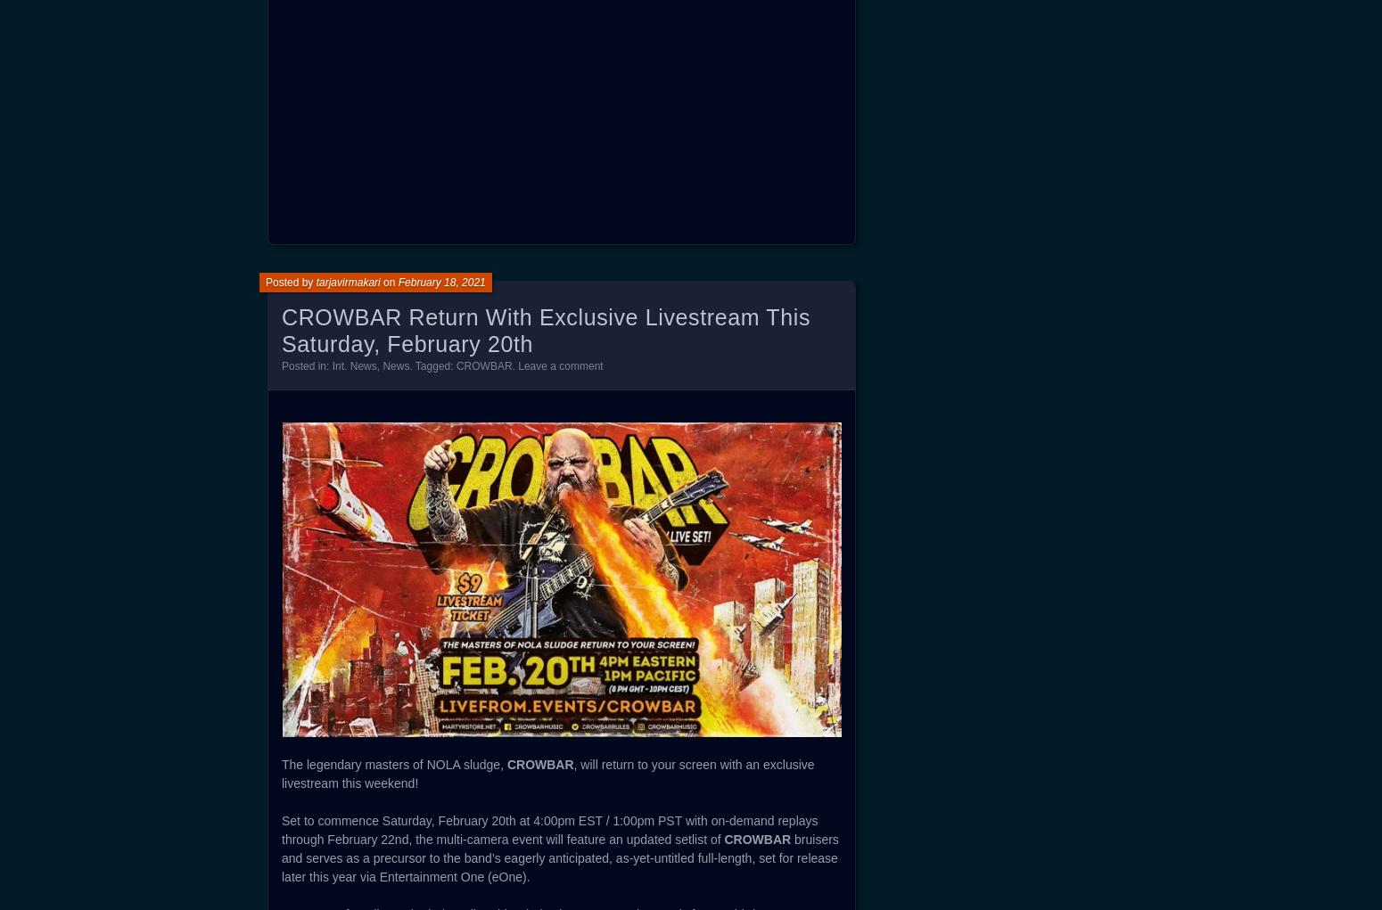  I want to click on '.', so click(514, 365).